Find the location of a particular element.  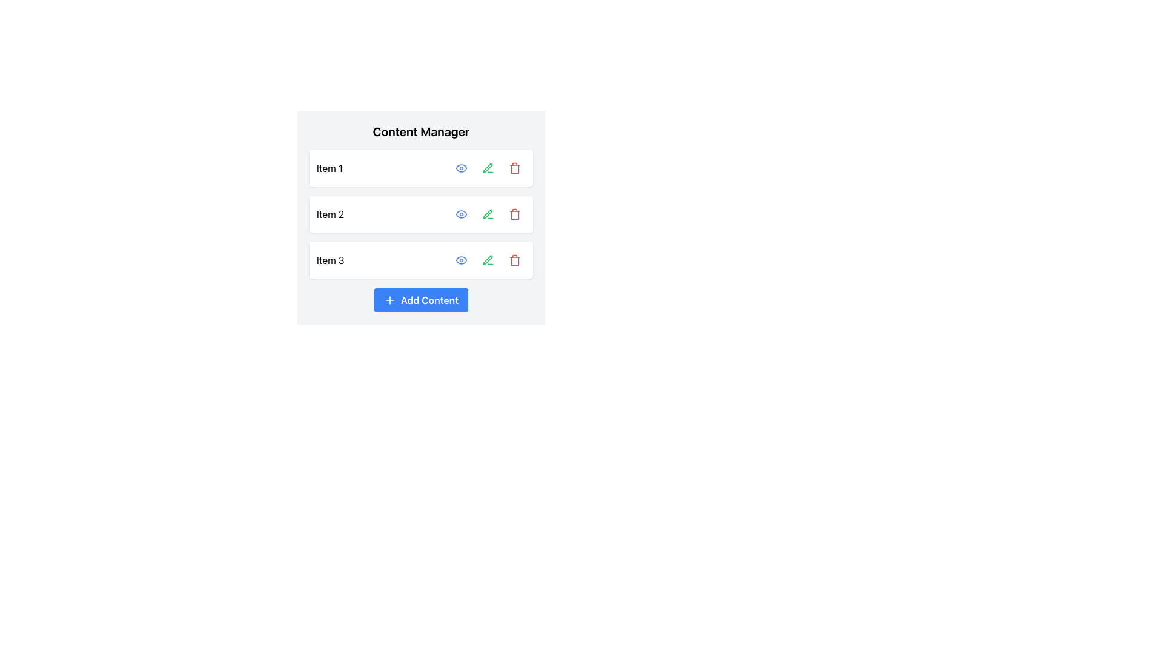

the decorative cross icon located at the left part of the blue 'Add Content' button at the bottom of the content panel is located at coordinates (389, 300).